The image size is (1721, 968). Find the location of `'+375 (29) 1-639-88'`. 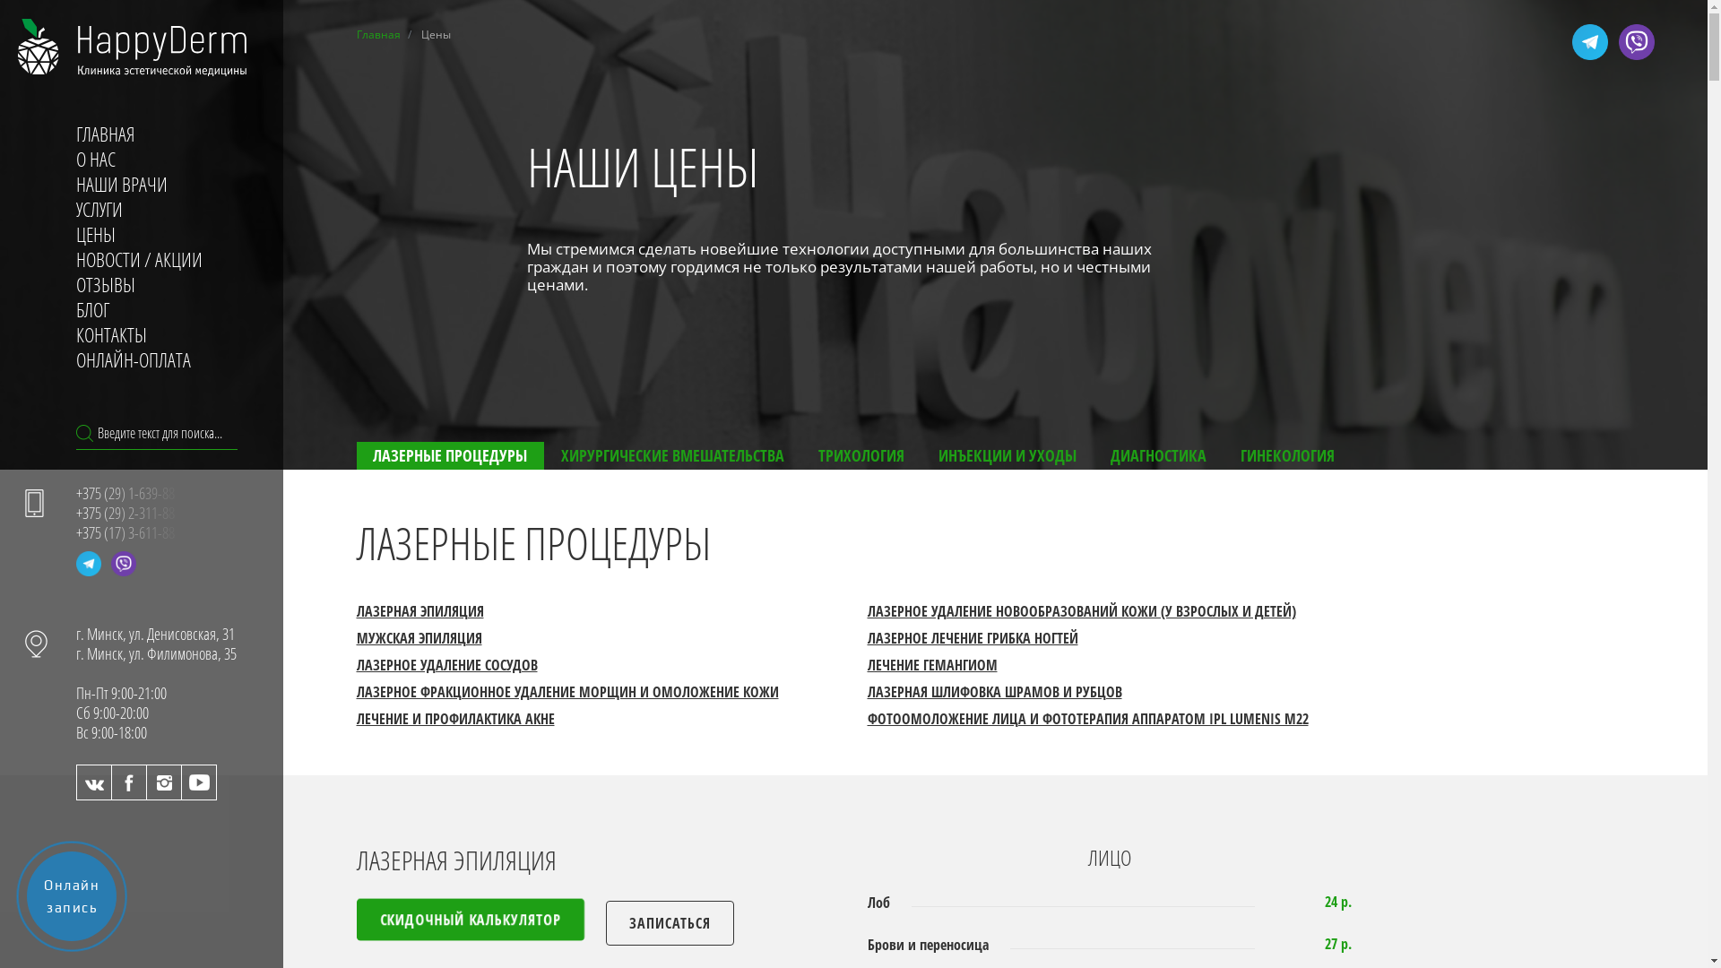

'+375 (29) 1-639-88' is located at coordinates (75, 493).